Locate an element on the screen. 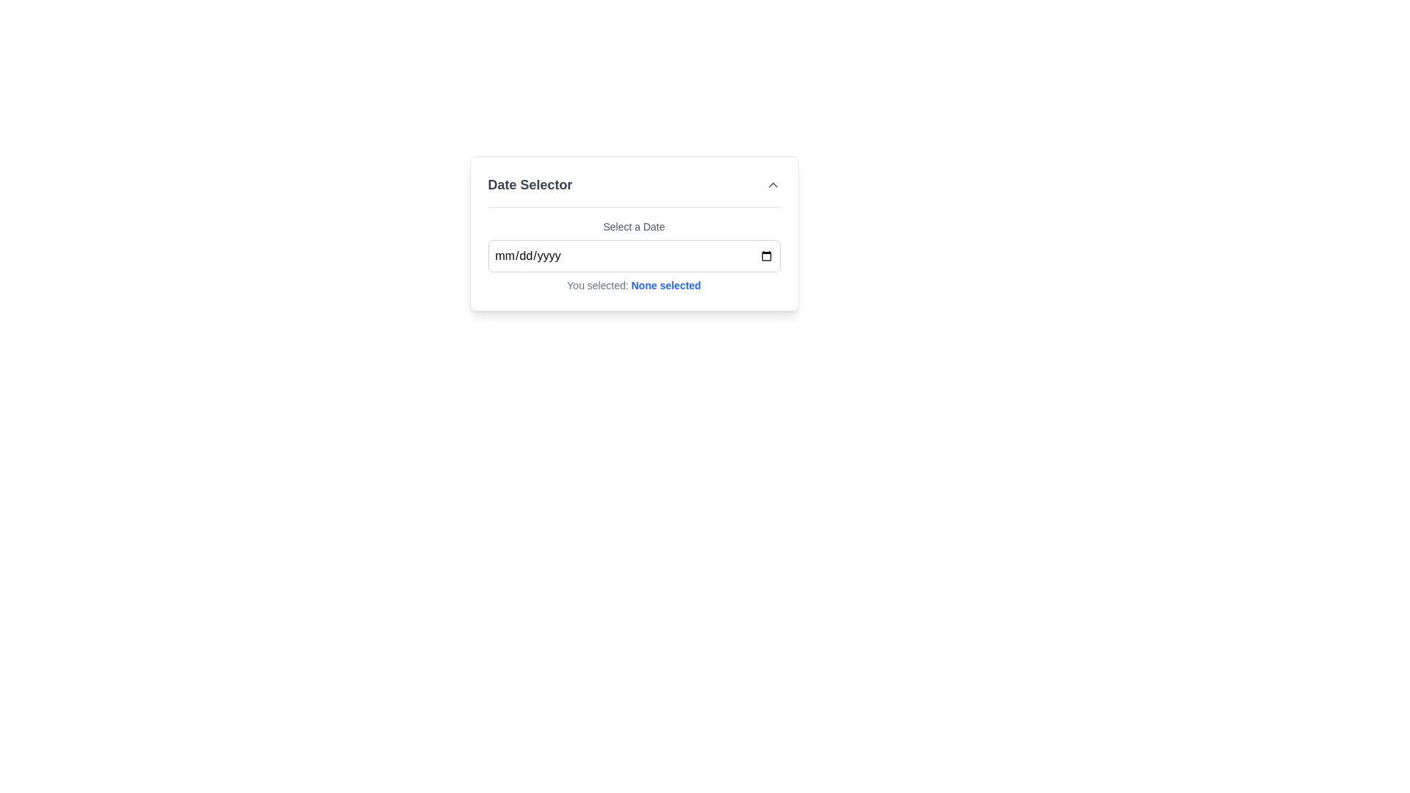 Image resolution: width=1410 pixels, height=793 pixels. the text label displaying 'None selected' in blue color and bold font, which is located adjacent to the label 'You selected:' is located at coordinates (665, 286).